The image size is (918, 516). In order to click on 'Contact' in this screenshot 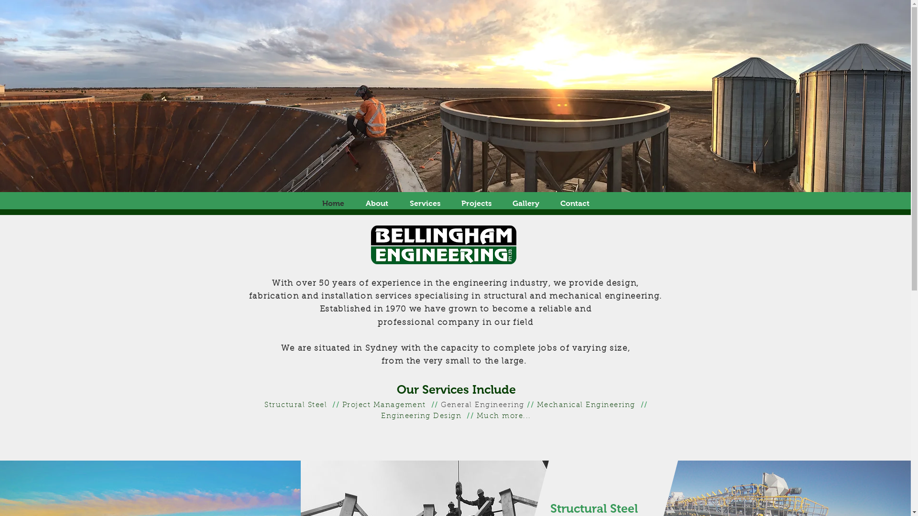, I will do `click(550, 203)`.